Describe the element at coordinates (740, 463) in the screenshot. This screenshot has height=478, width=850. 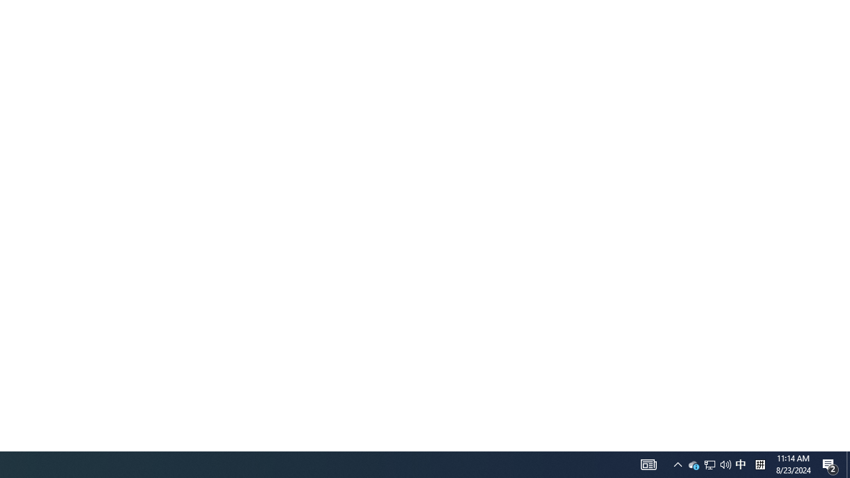
I see `'Q2790: 100%'` at that location.